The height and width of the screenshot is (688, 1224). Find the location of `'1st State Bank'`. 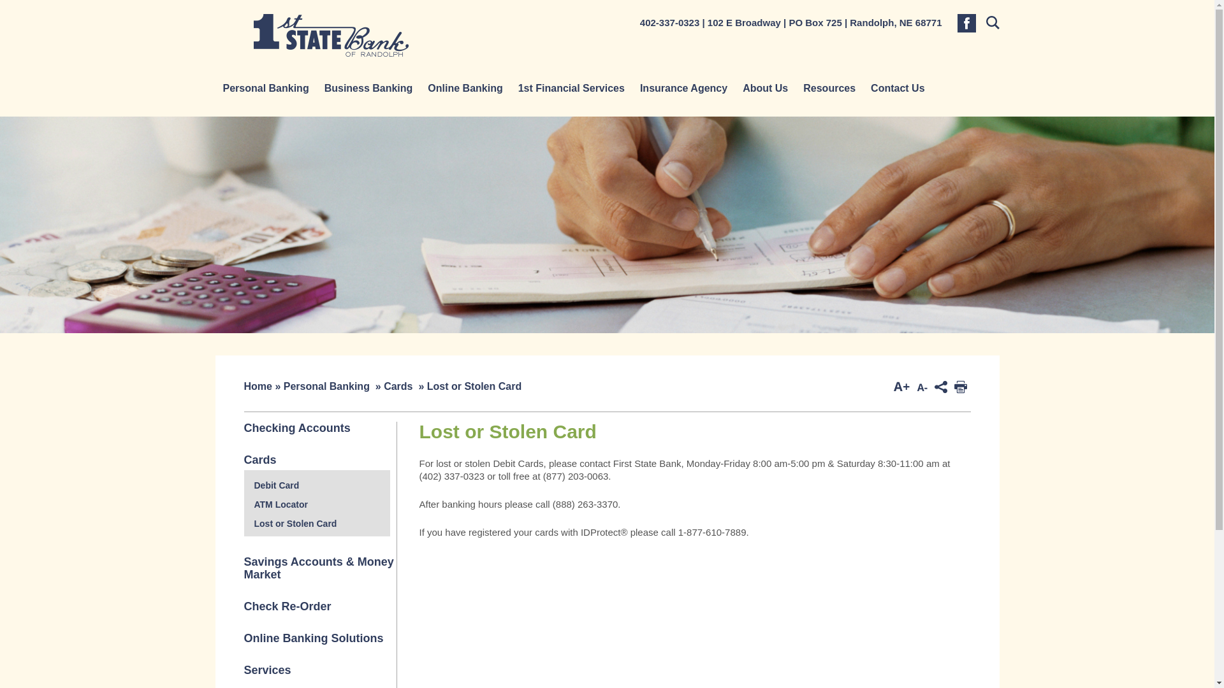

'1st State Bank' is located at coordinates (331, 34).